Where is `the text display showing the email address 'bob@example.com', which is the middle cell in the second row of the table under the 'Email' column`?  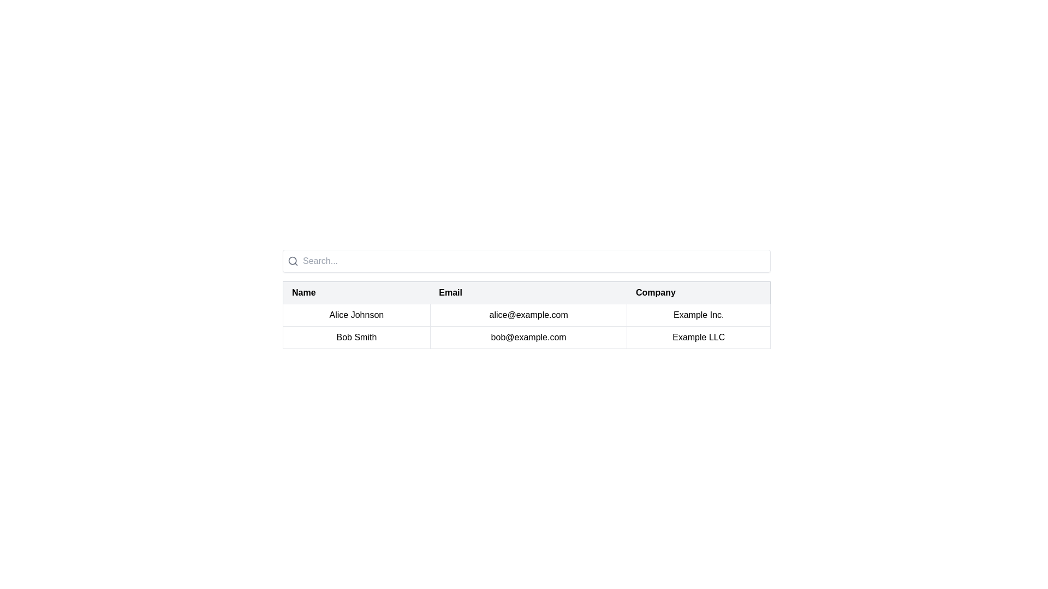 the text display showing the email address 'bob@example.com', which is the middle cell in the second row of the table under the 'Email' column is located at coordinates (528, 336).